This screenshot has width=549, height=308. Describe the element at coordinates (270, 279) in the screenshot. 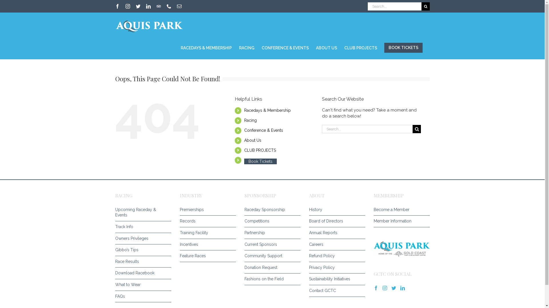

I see `'Fashions on the Field'` at that location.